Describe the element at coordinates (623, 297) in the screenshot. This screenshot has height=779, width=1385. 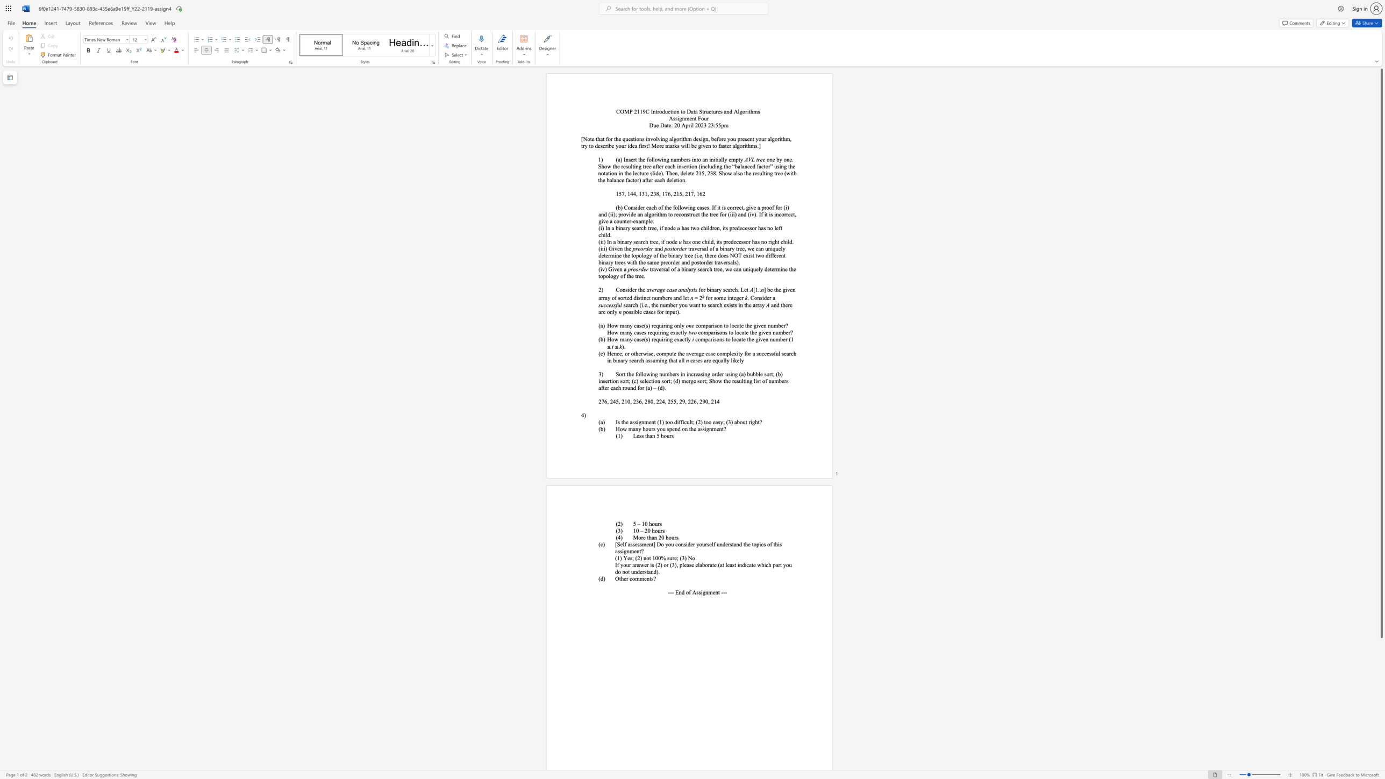
I see `the subset text "rted distinc" within the text "] be the given array of sorted distinct numbers and let"` at that location.